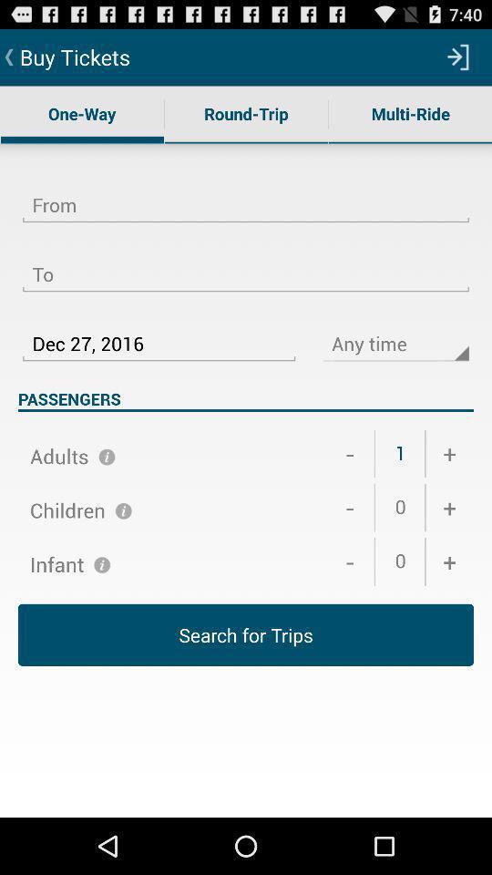 This screenshot has width=492, height=875. Describe the element at coordinates (246, 634) in the screenshot. I see `the item below + icon` at that location.